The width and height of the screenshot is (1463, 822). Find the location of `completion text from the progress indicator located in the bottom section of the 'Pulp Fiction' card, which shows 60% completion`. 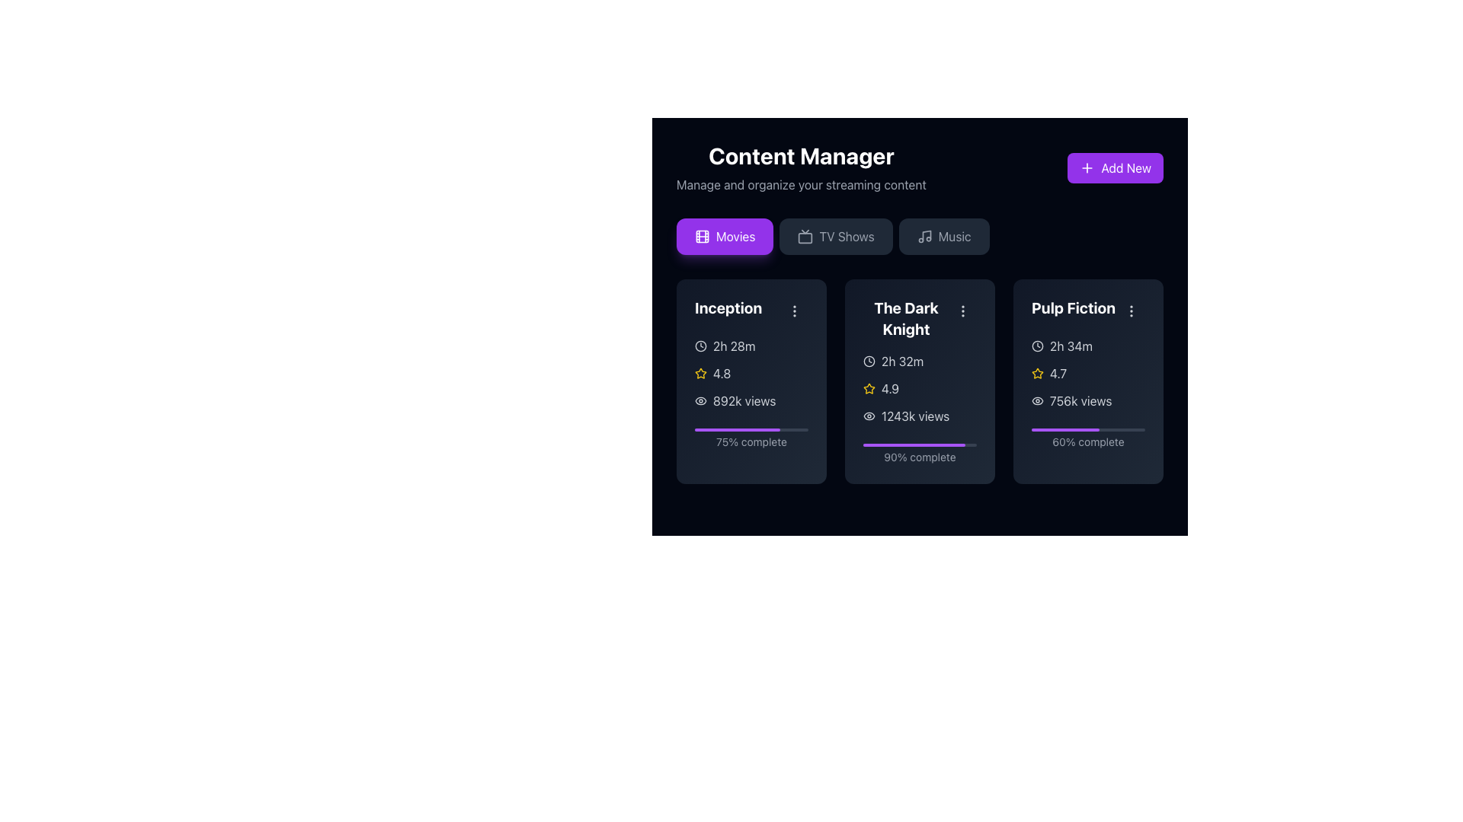

completion text from the progress indicator located in the bottom section of the 'Pulp Fiction' card, which shows 60% completion is located at coordinates (1087, 436).